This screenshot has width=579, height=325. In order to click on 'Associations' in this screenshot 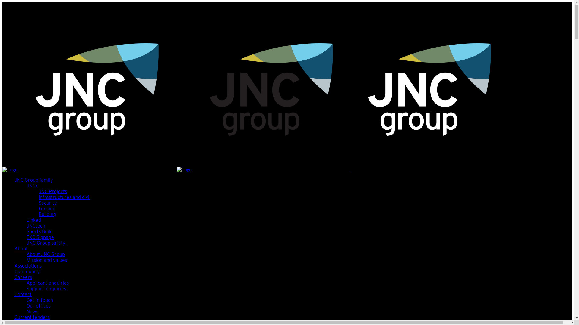, I will do `click(27, 265)`.